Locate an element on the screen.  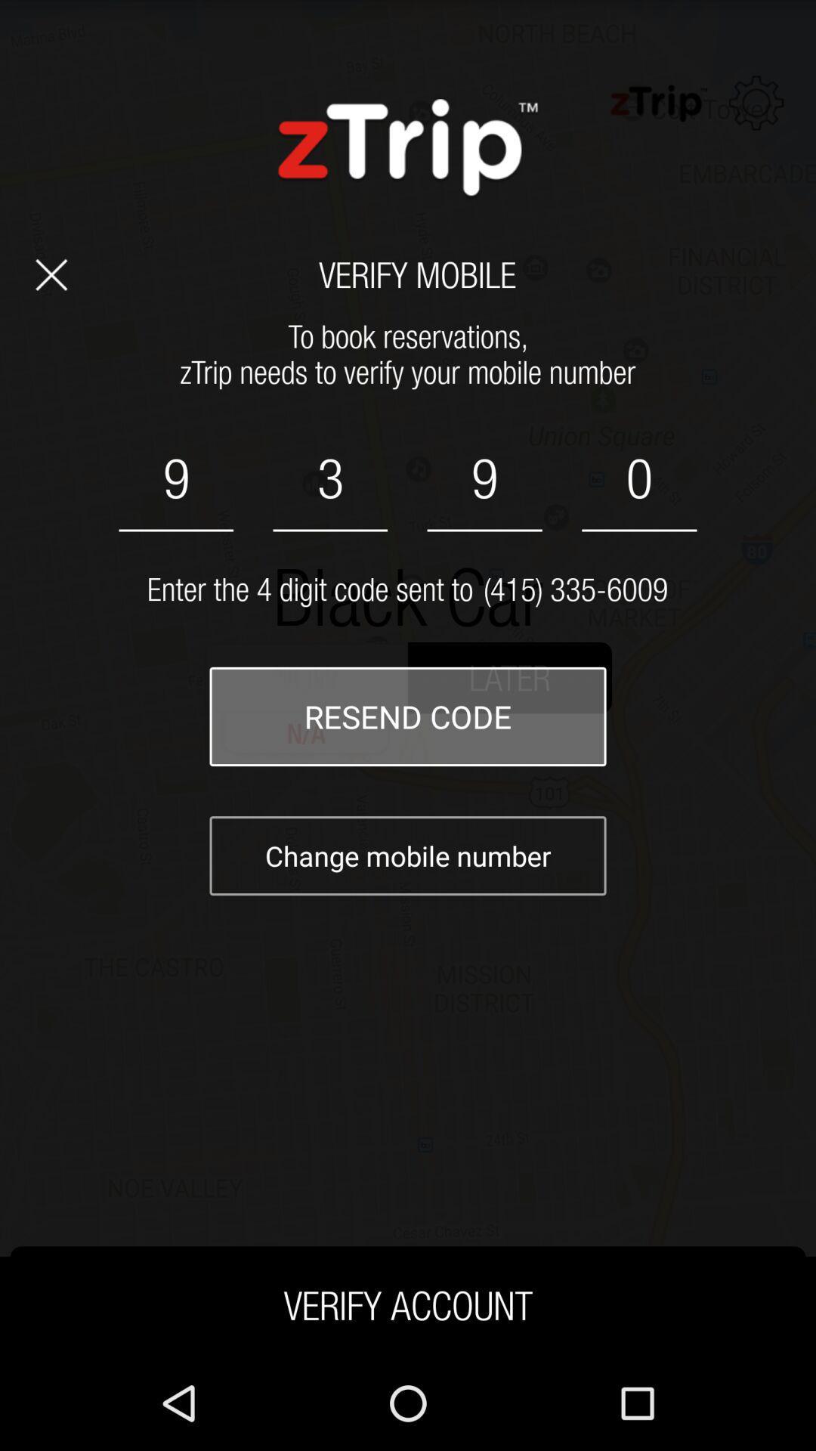
the close icon is located at coordinates (51, 294).